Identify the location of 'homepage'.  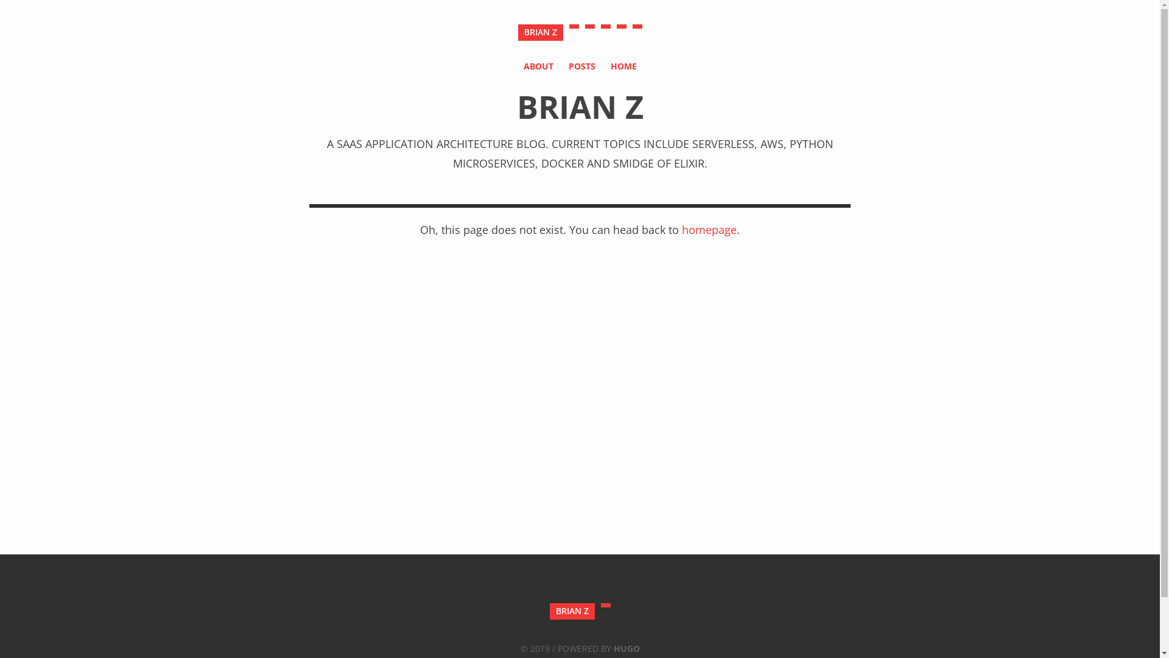
(709, 230).